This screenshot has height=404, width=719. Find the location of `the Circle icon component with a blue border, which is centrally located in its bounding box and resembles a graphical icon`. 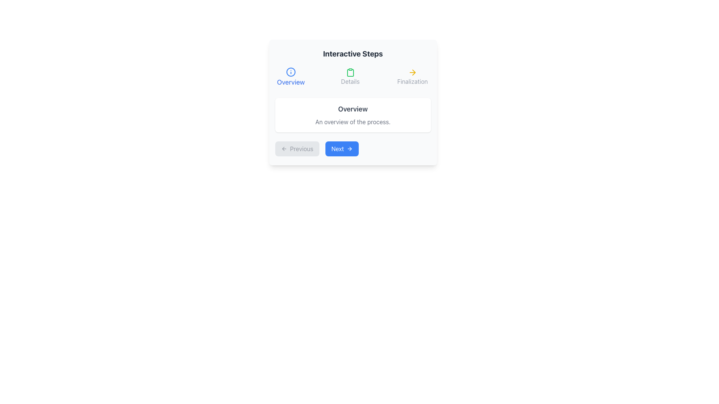

the Circle icon component with a blue border, which is centrally located in its bounding box and resembles a graphical icon is located at coordinates (290, 72).